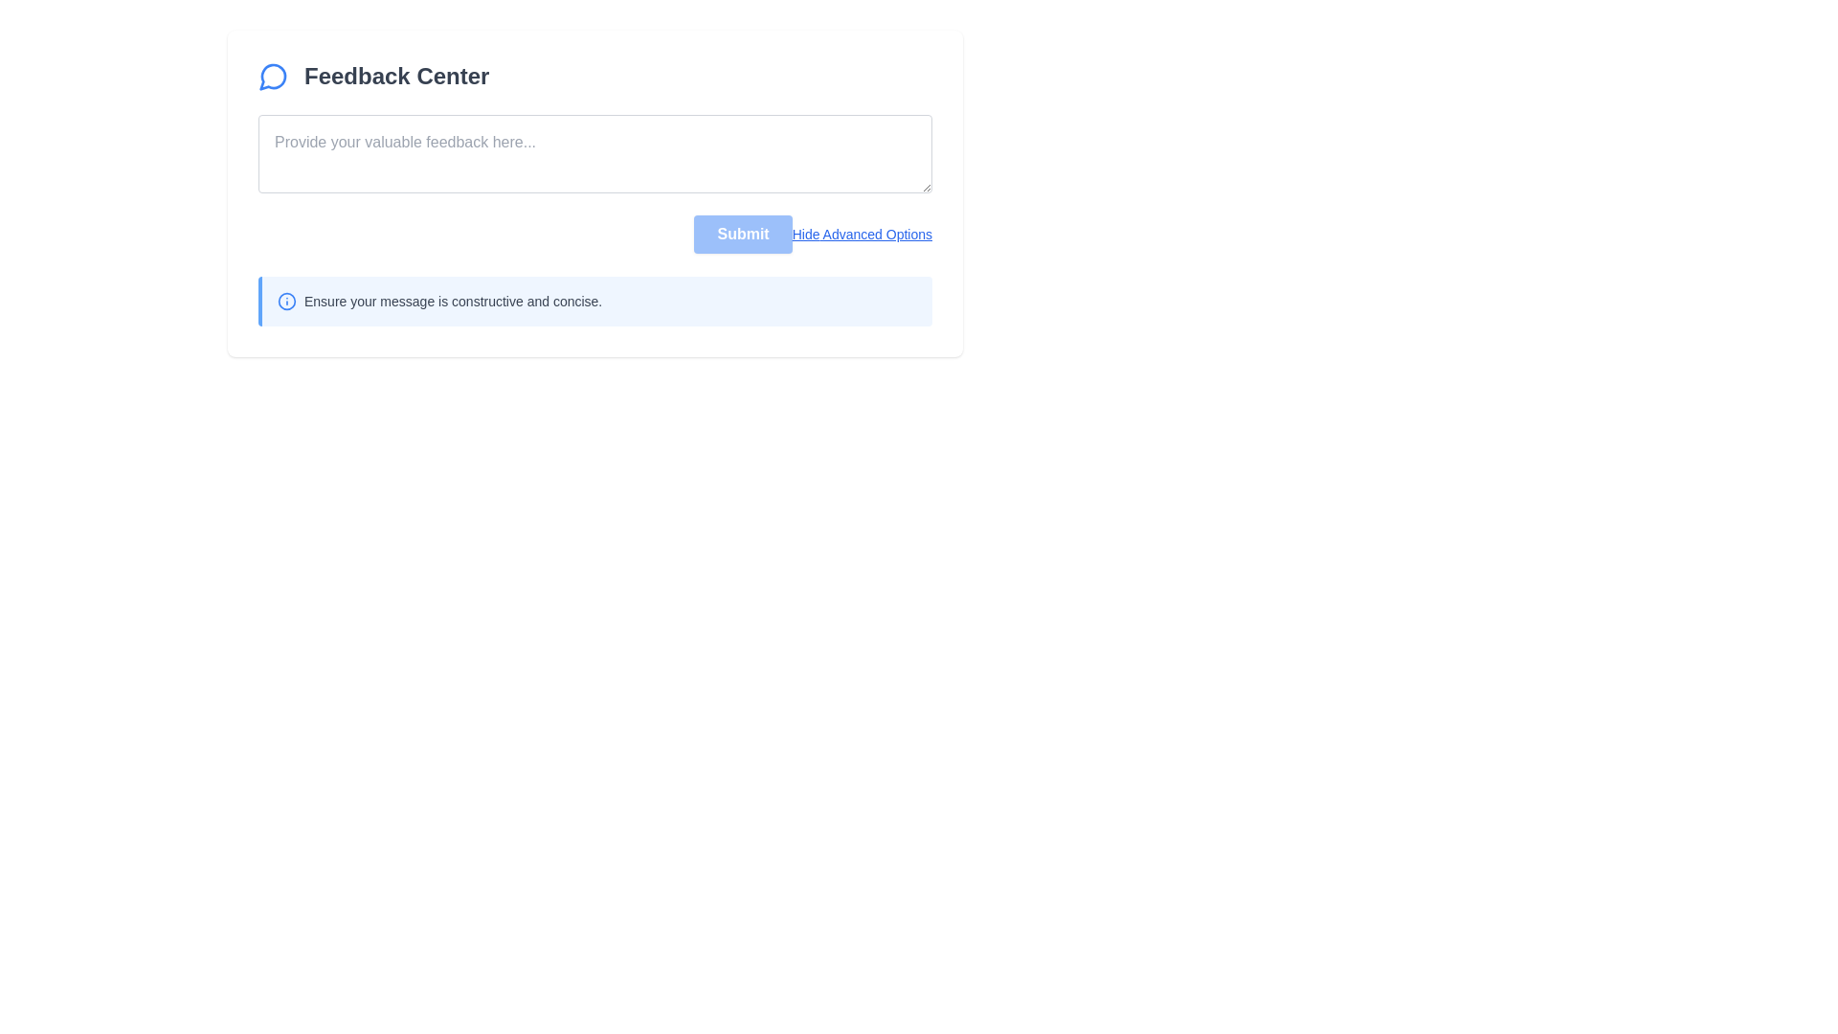 This screenshot has width=1838, height=1034. I want to click on the rounded icon representing messaging or feedback functionality, which features a circular speech bubble with a blue outline, located, so click(273, 76).